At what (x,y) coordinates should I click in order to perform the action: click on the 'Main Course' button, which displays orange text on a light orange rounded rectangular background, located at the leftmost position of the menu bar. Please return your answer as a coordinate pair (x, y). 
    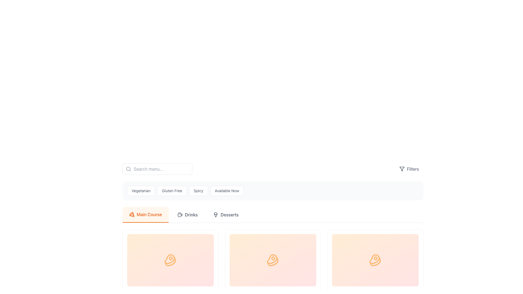
    Looking at the image, I should click on (145, 215).